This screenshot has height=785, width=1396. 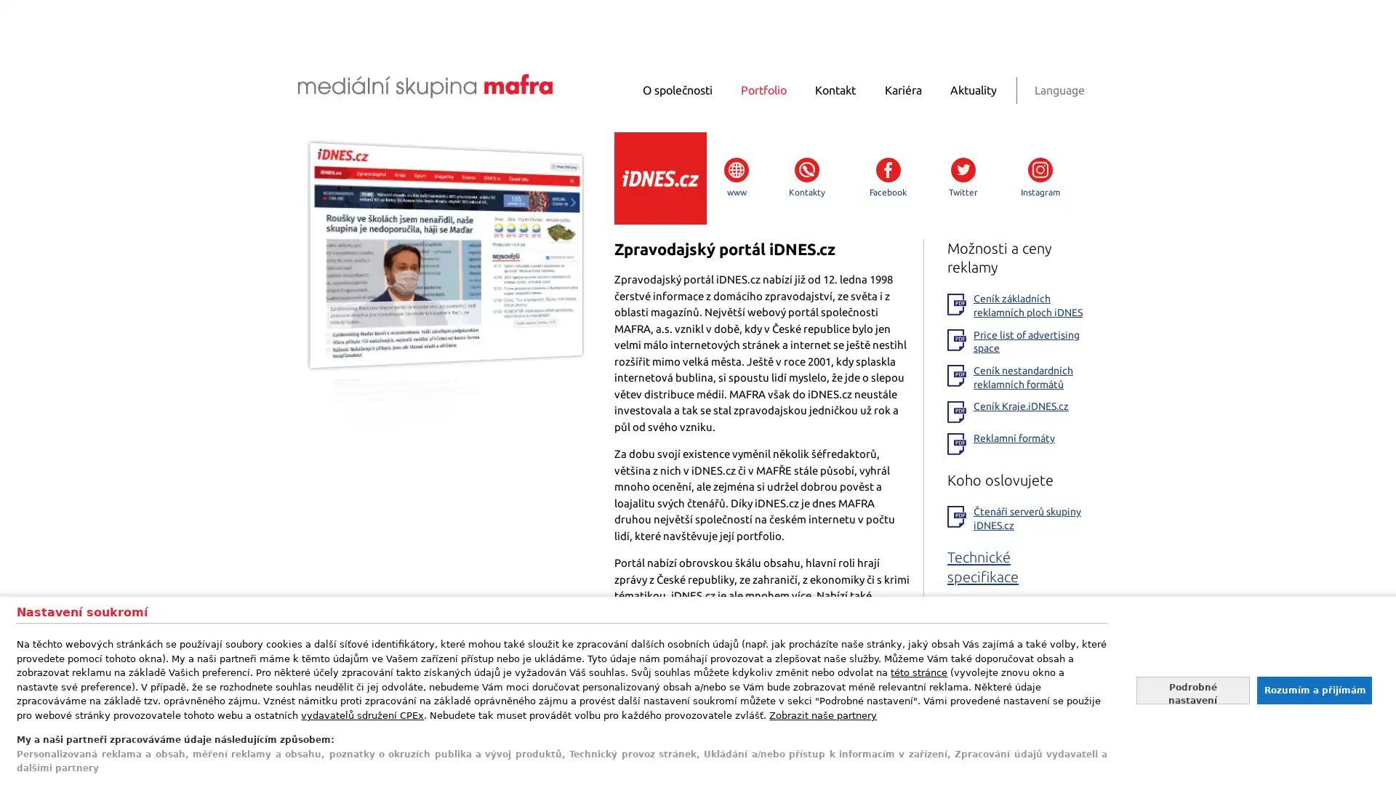 I want to click on Souhlasit s nasim zpracovanim udaju a zavrit, so click(x=1313, y=689).